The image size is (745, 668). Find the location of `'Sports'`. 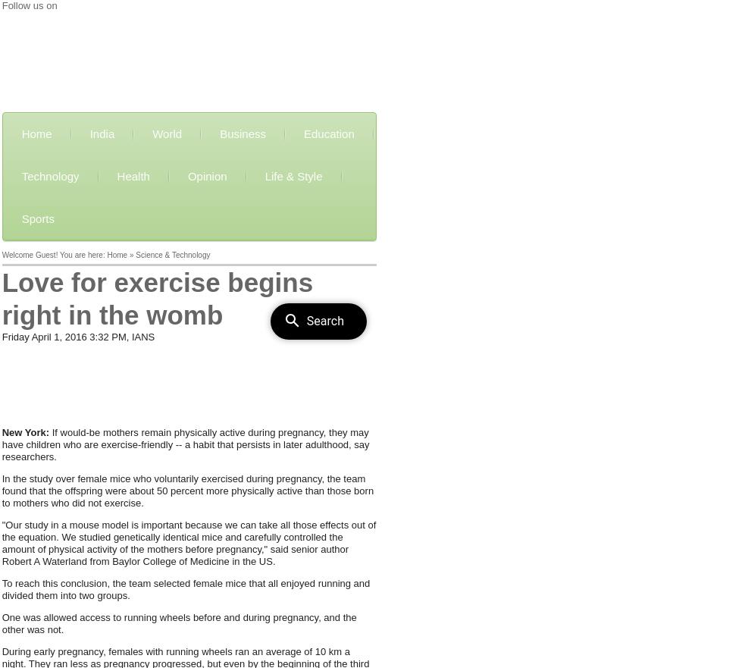

'Sports' is located at coordinates (37, 218).